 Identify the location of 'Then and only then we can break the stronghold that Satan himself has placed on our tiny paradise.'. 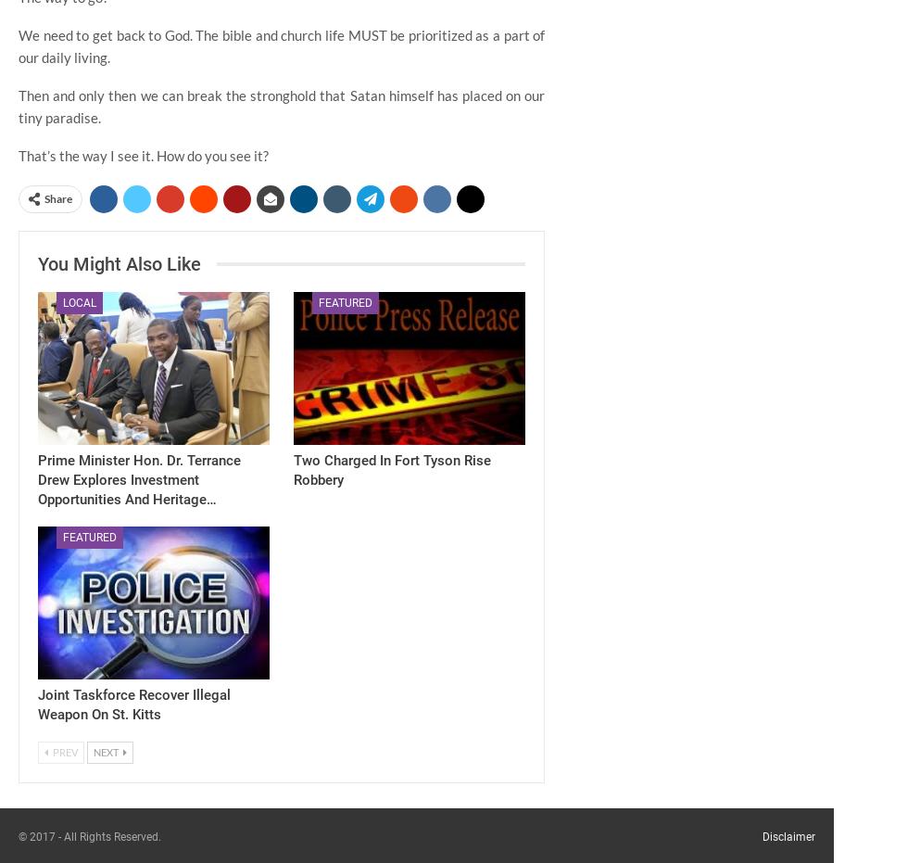
(17, 105).